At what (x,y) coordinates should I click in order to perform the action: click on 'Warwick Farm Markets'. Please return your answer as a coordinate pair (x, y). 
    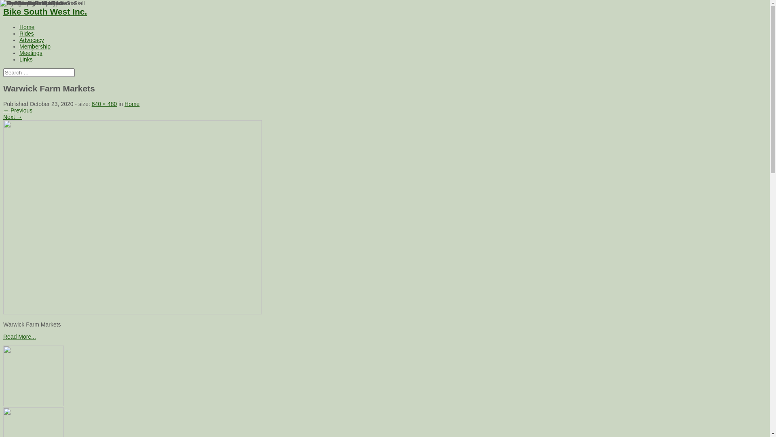
    Looking at the image, I should click on (132, 312).